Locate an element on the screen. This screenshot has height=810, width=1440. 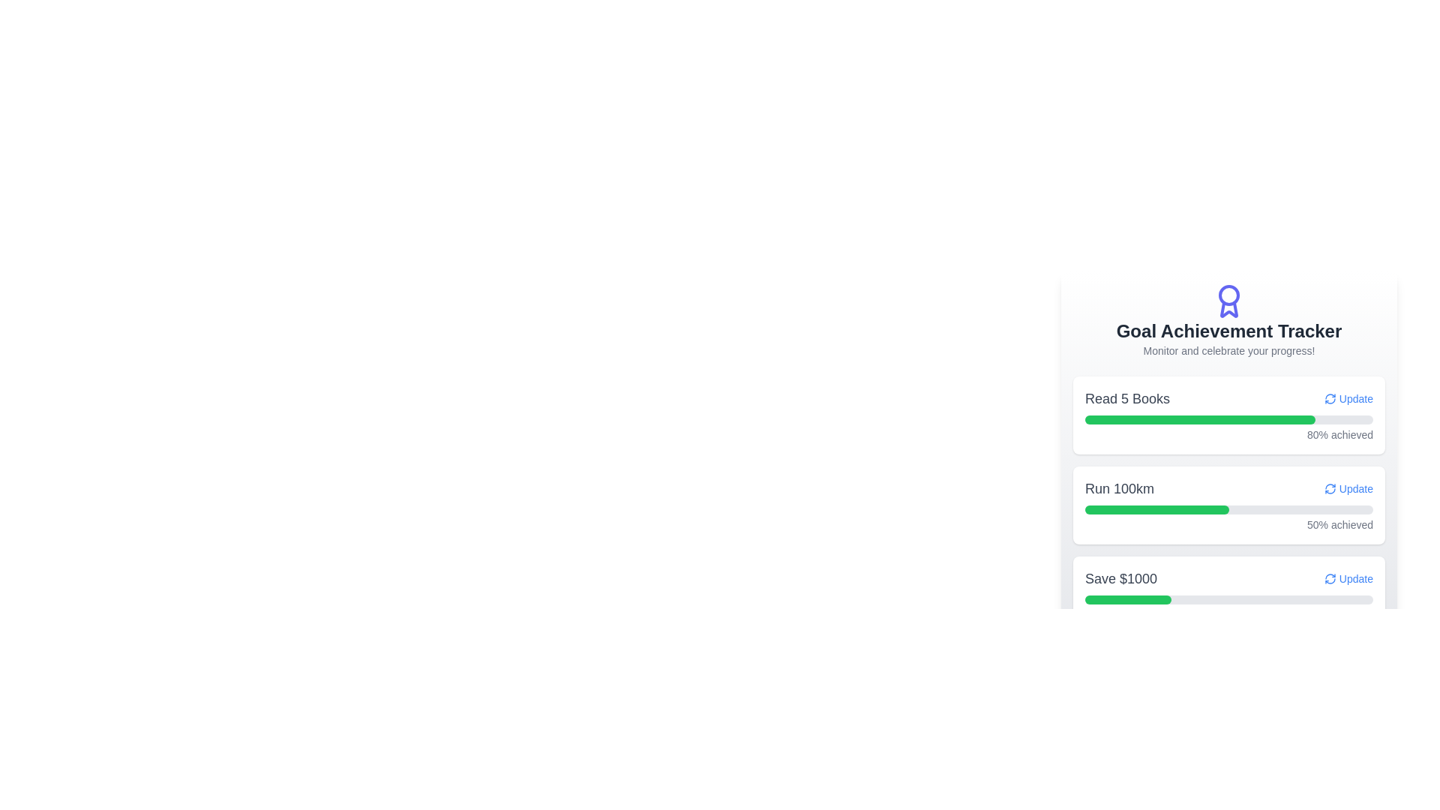
the refresh button located on the right-hand side of the goal labeled 'Save $1000' is located at coordinates (1348, 577).